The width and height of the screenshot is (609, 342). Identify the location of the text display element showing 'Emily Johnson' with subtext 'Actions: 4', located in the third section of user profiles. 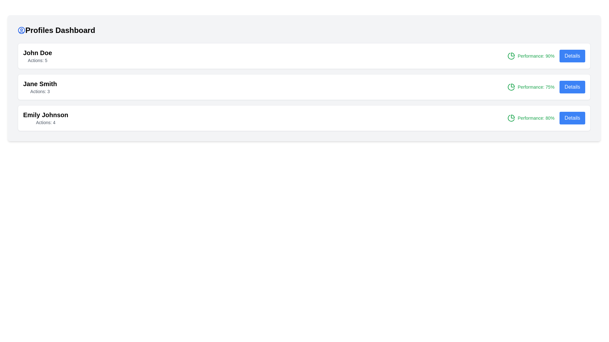
(45, 118).